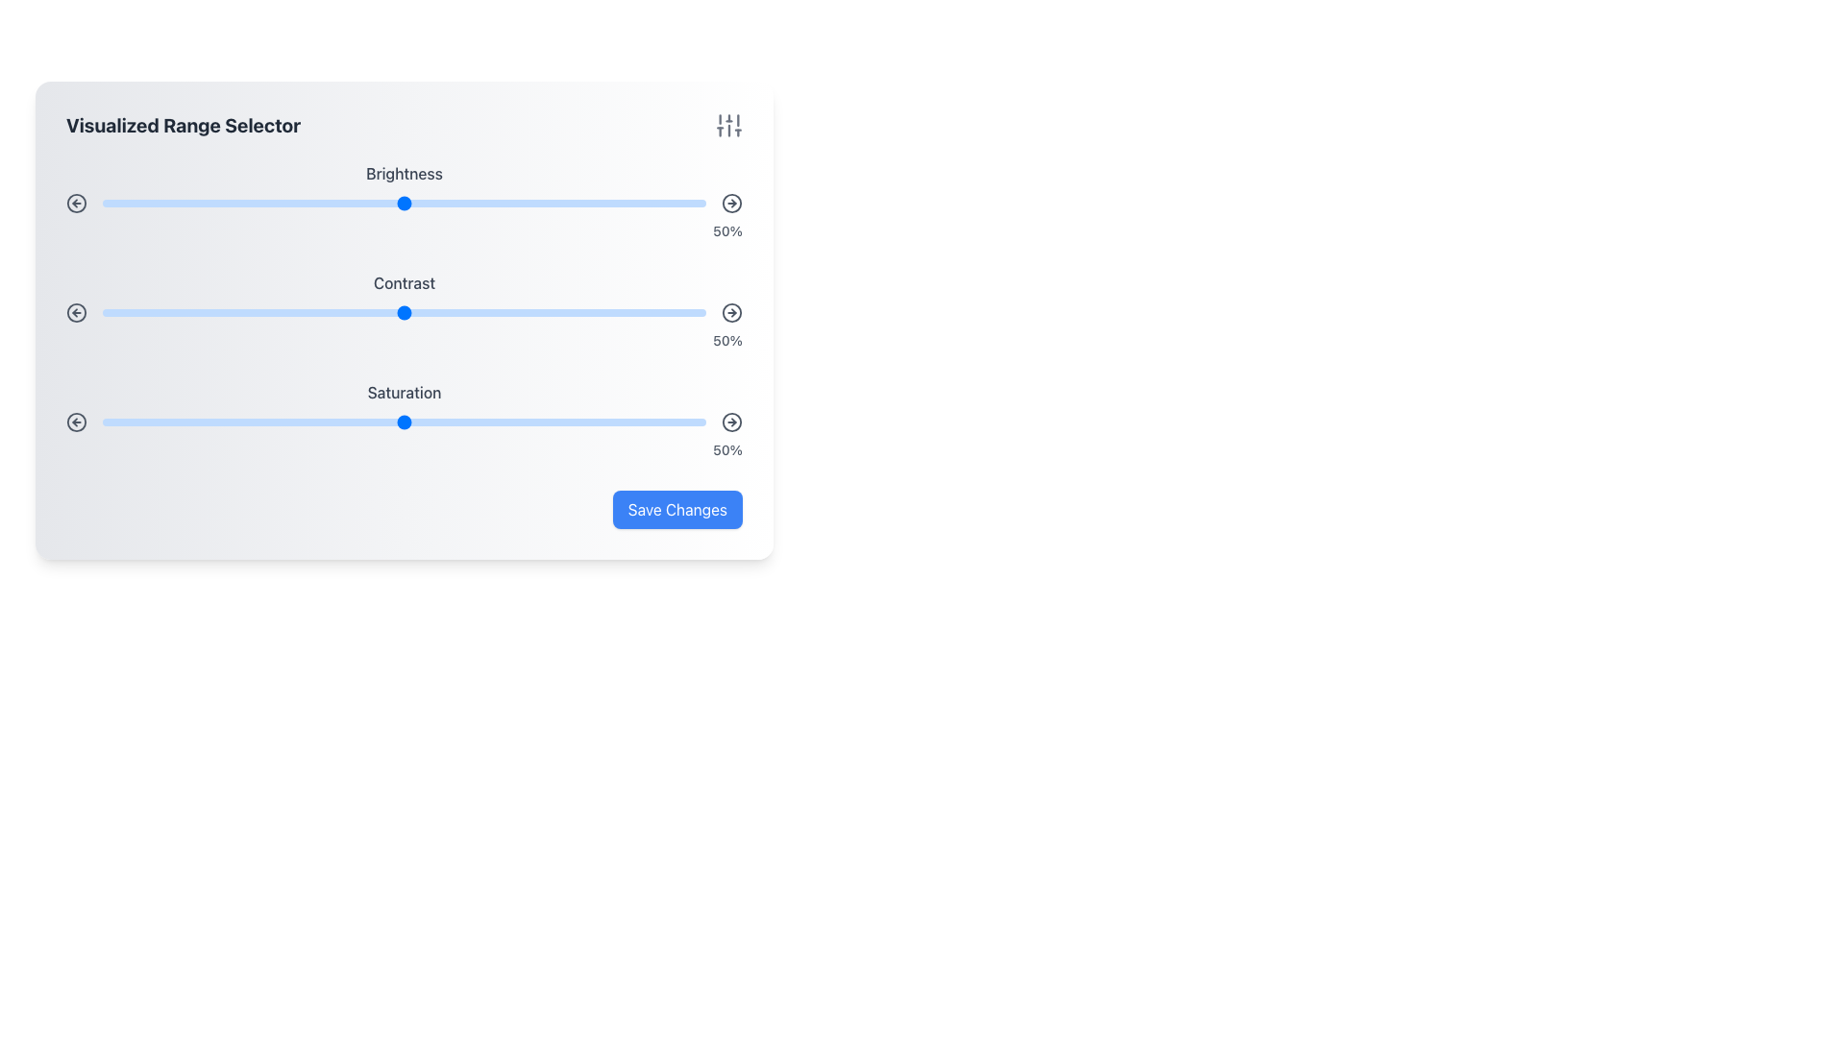  Describe the element at coordinates (627, 421) in the screenshot. I see `the slider value` at that location.